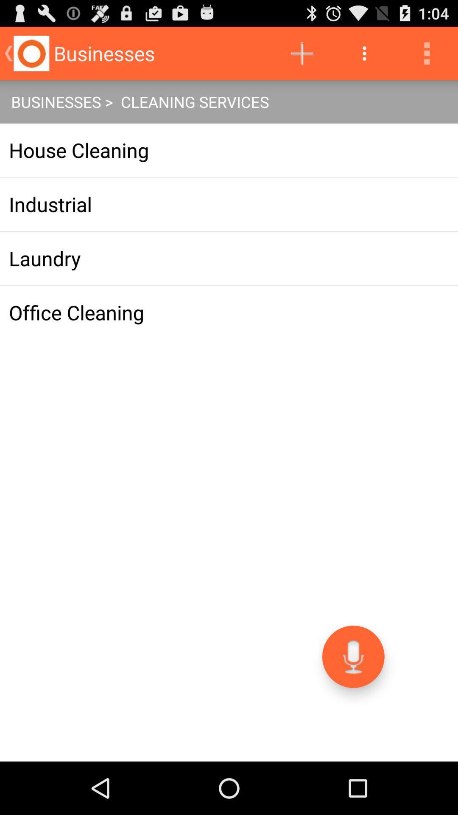 This screenshot has width=458, height=815. What do you see at coordinates (353, 656) in the screenshot?
I see `icon at the bottom right corner` at bounding box center [353, 656].